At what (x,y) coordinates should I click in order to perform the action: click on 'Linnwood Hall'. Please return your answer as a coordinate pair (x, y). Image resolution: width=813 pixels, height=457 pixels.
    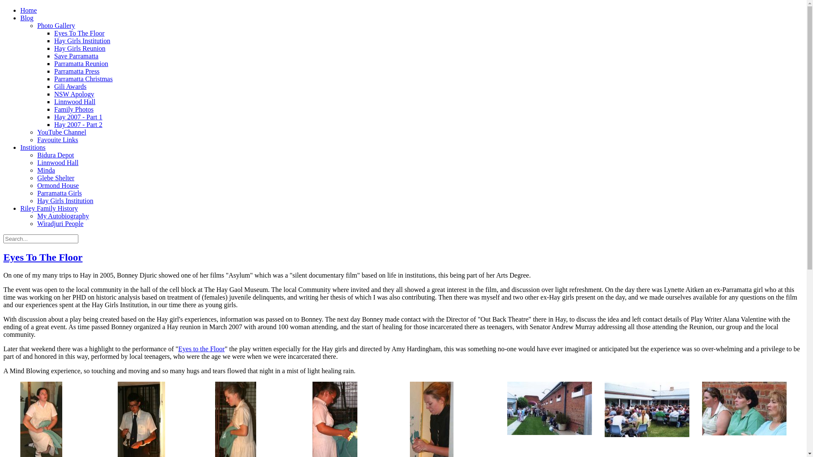
    Looking at the image, I should click on (54, 101).